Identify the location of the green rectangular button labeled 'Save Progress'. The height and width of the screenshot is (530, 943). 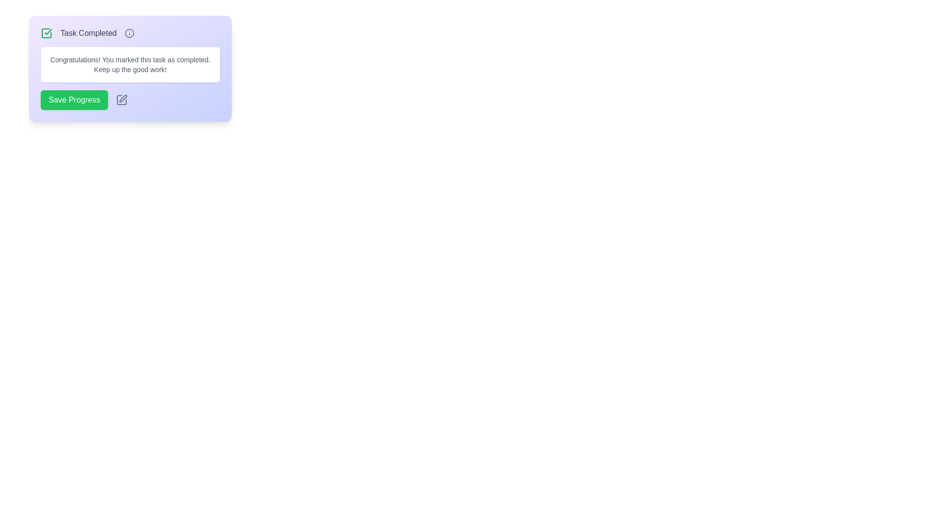
(74, 100).